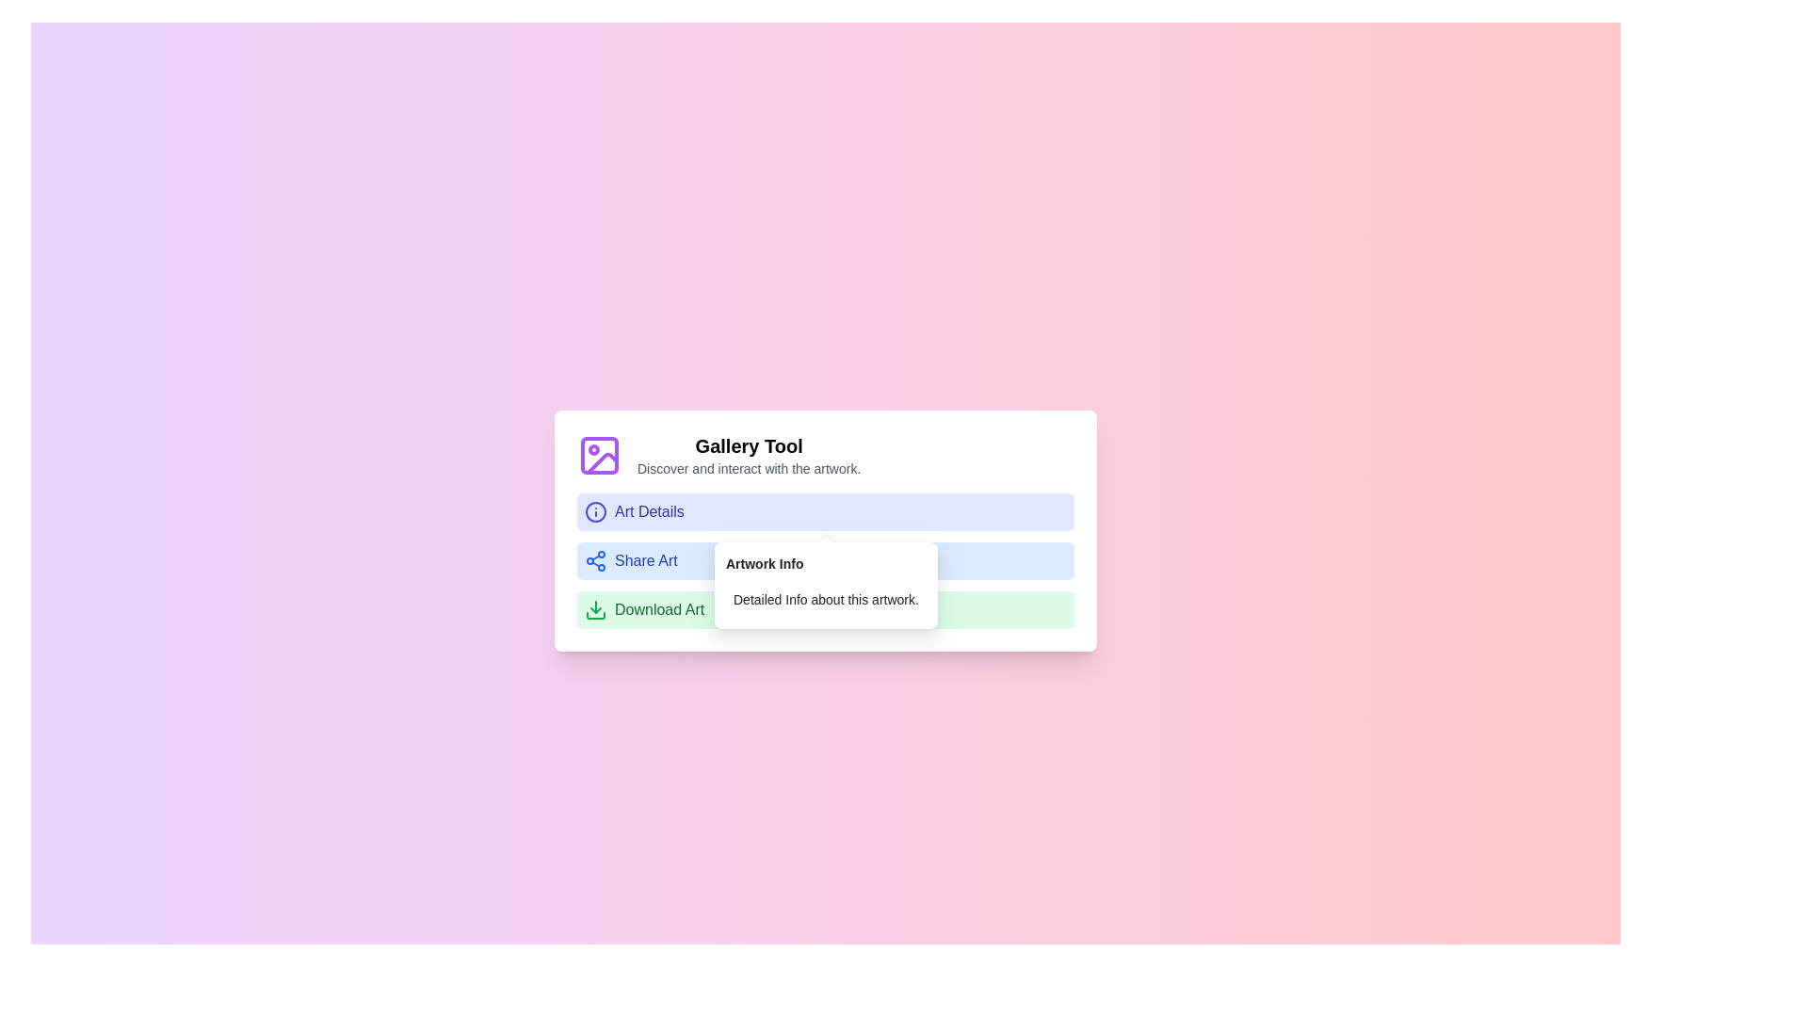  I want to click on the text label that provides a descriptive identifier for the associated menu option, located within a rounded background and positioned second in a vertical list of options, so click(649, 511).